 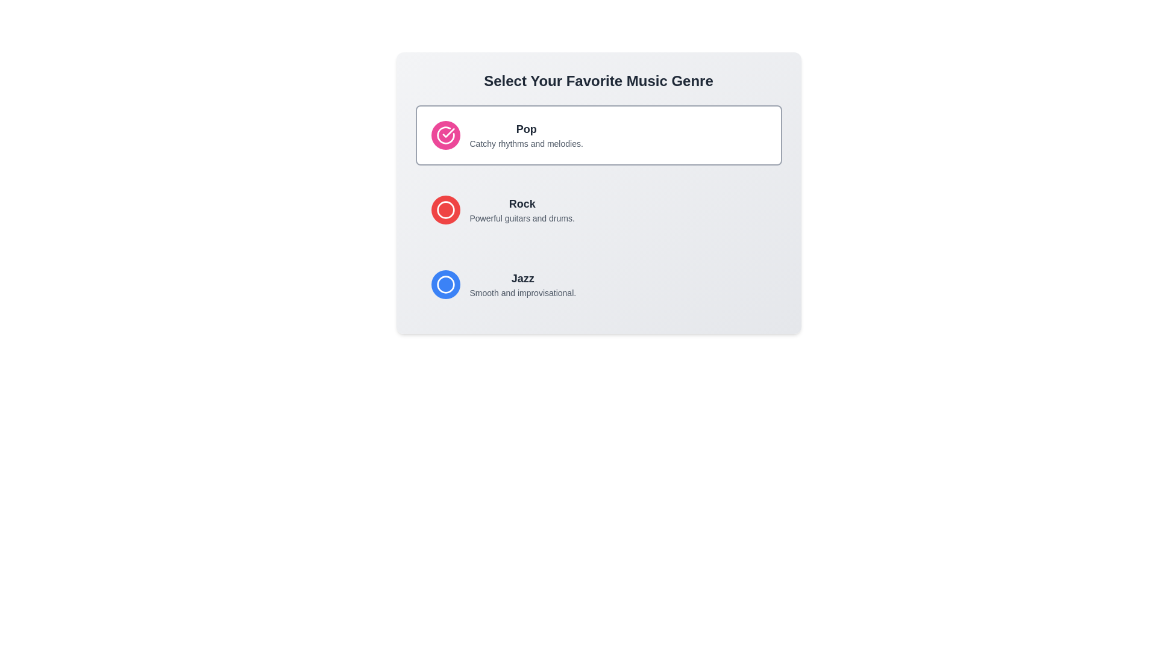 What do you see at coordinates (522, 278) in the screenshot?
I see `text label that says 'Jazz', which is styled in bold, dark gray, and located above the description 'Smooth and improvisational.' in the third option of the music genre list` at bounding box center [522, 278].